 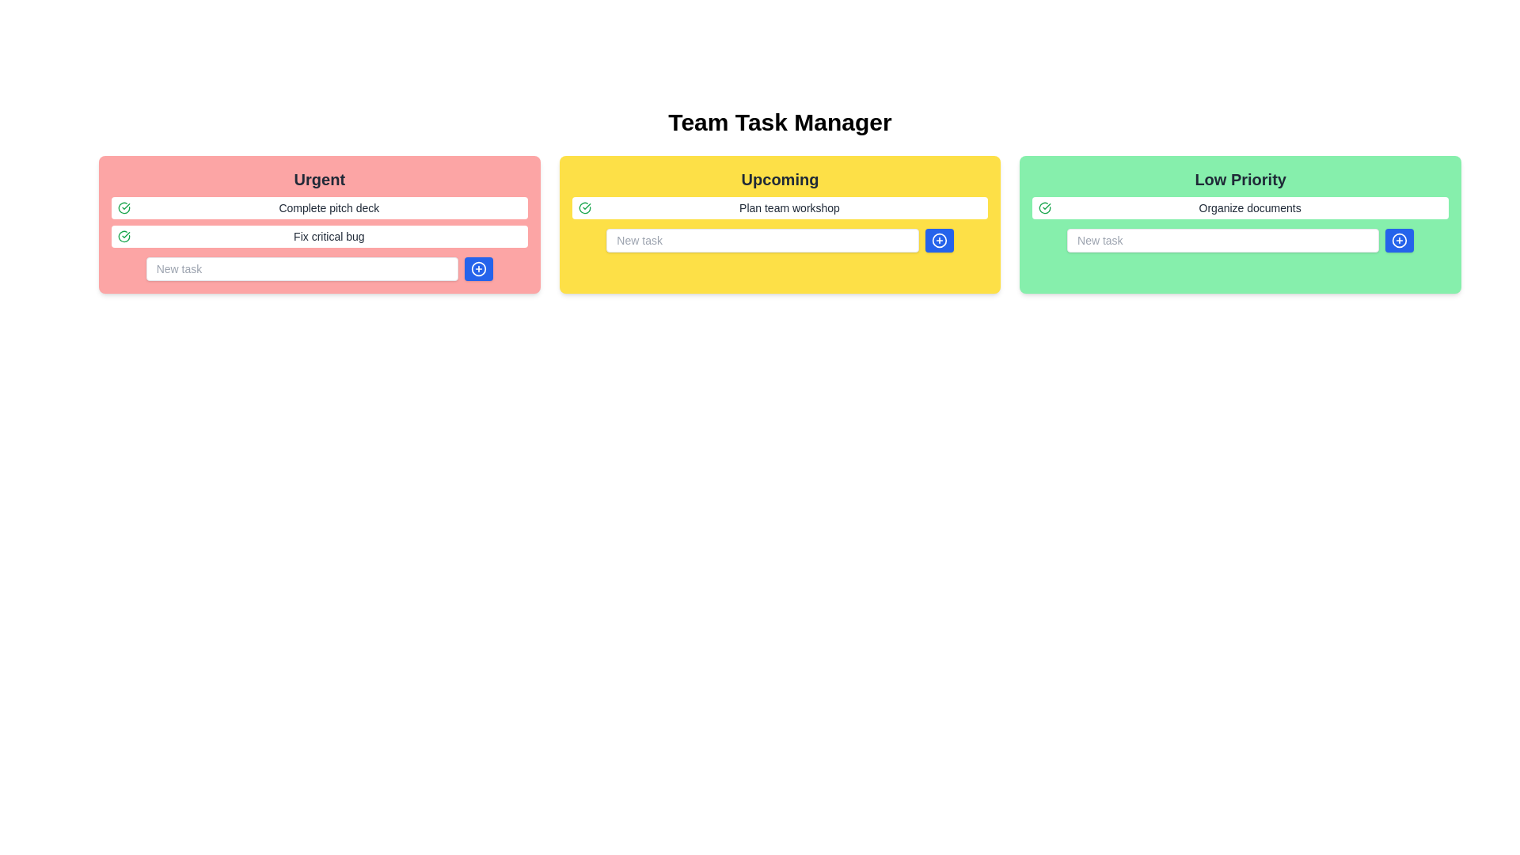 I want to click on the '+' icon button with a blue background located within the 'Urgent' task card, so click(x=477, y=268).